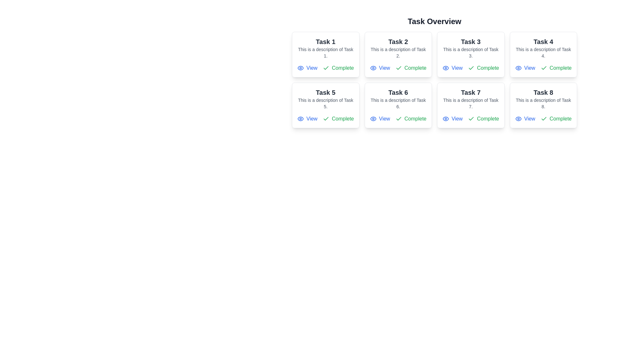 Image resolution: width=618 pixels, height=347 pixels. Describe the element at coordinates (543, 68) in the screenshot. I see `the status represented by the green checkmark icon located in the 'Task 4' card, positioned to the right of the 'Complete' text` at that location.